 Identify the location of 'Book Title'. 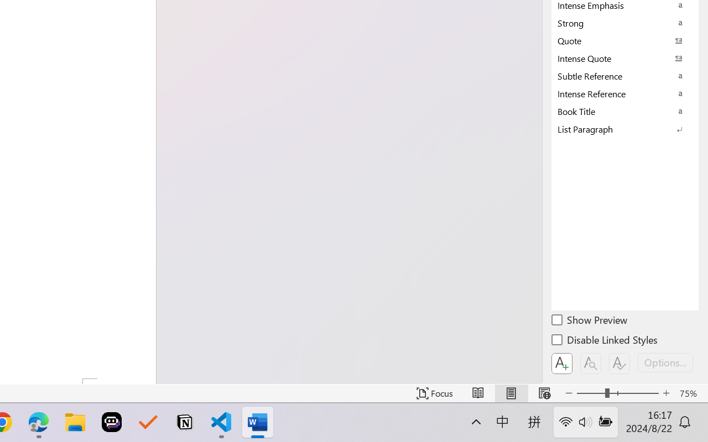
(625, 111).